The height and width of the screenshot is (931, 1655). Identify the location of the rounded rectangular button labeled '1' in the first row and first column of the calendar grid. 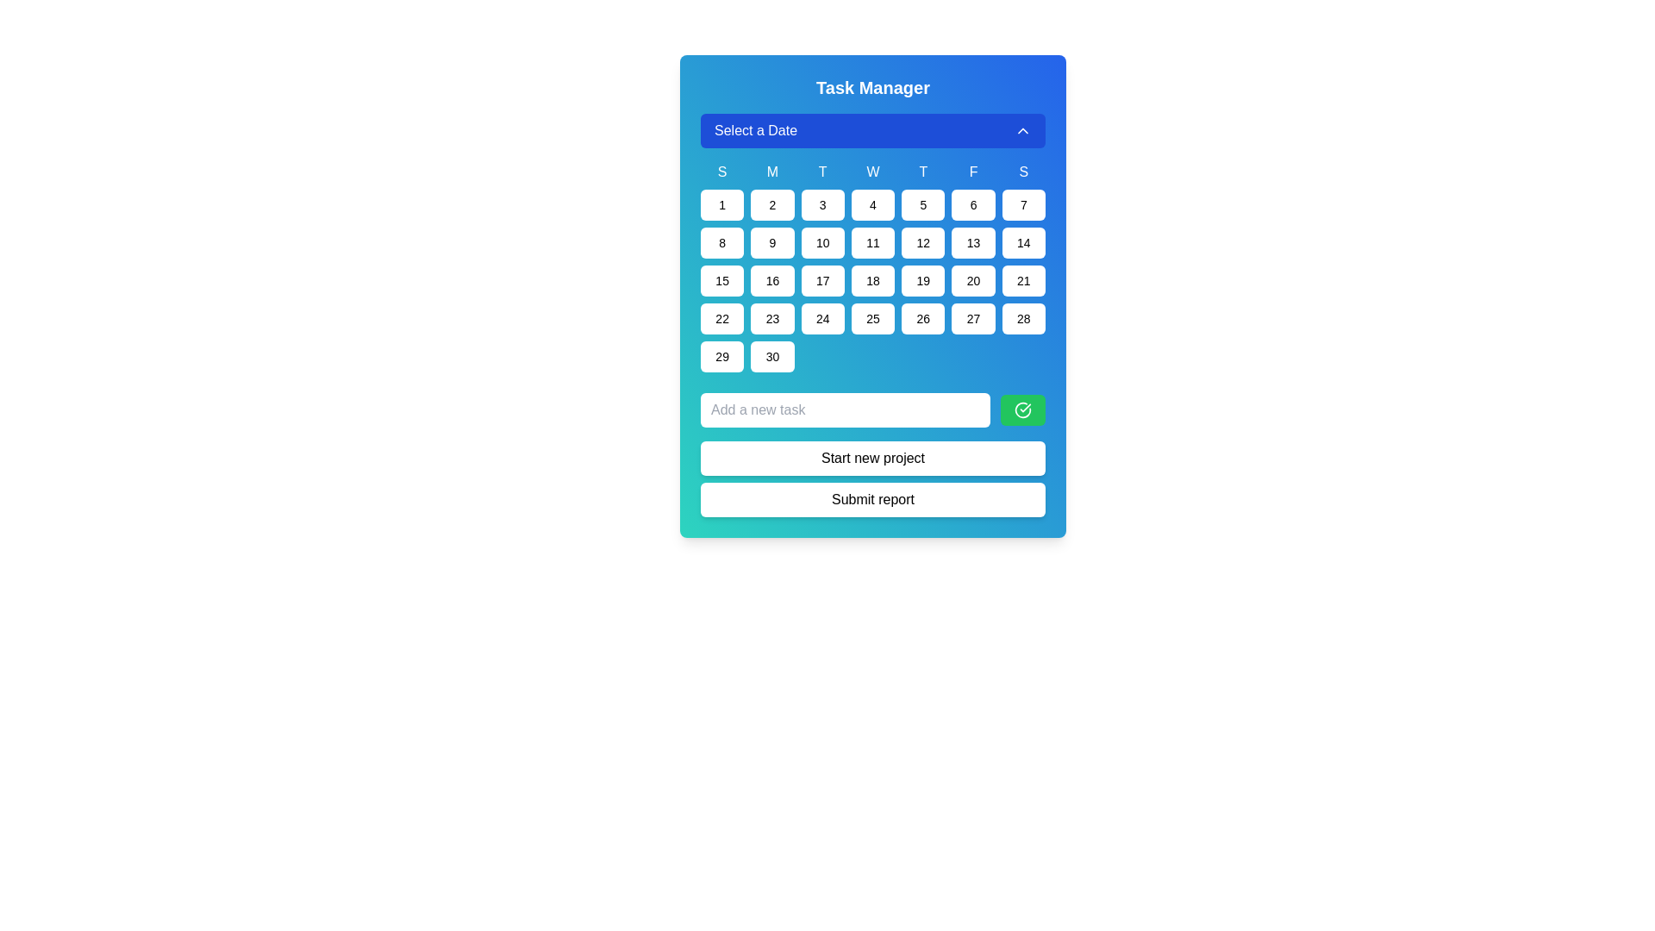
(722, 204).